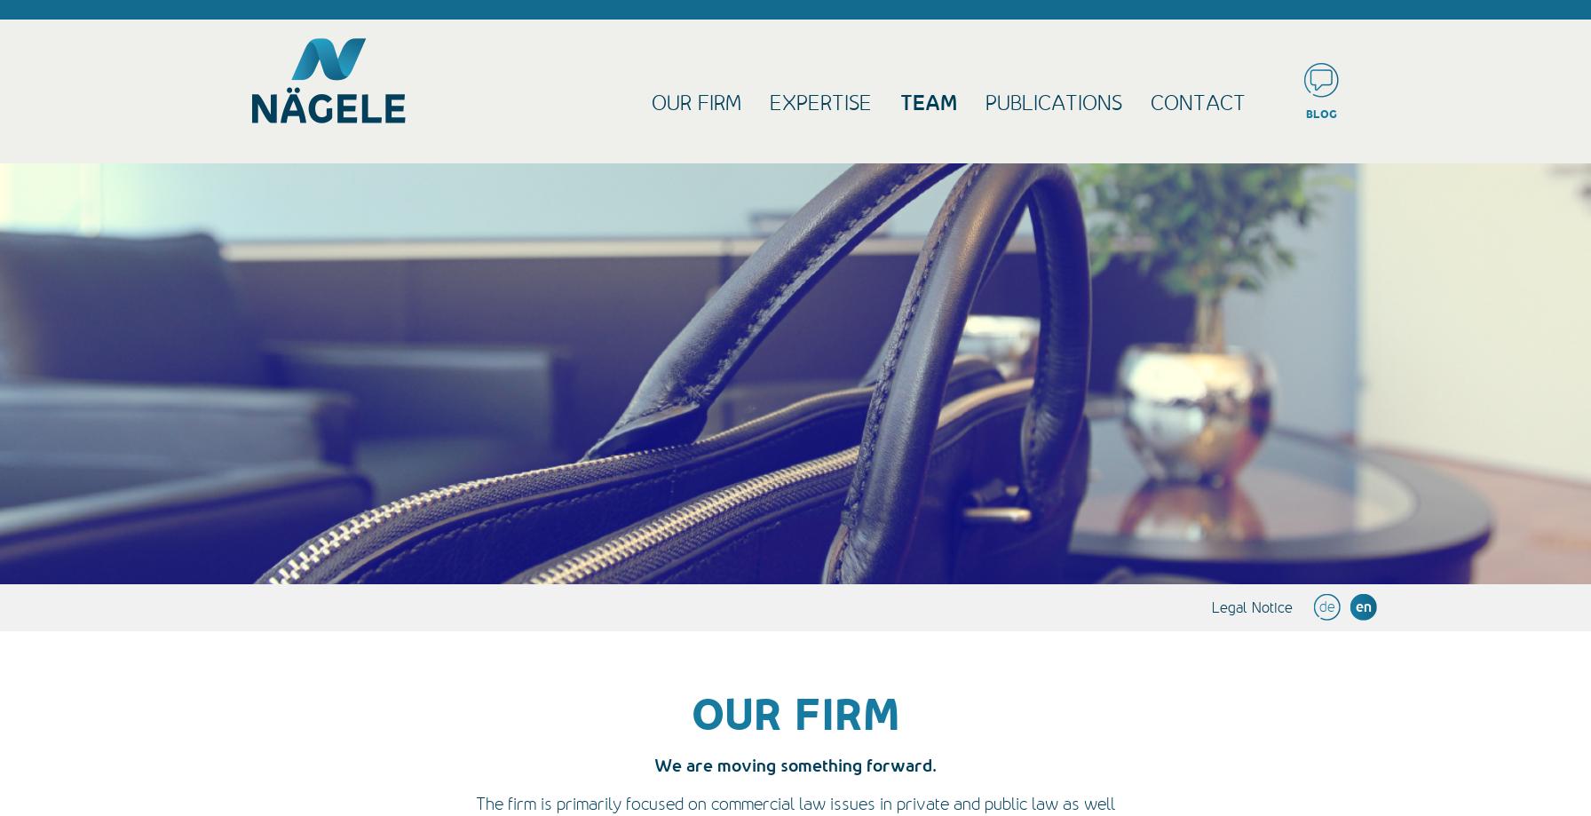 This screenshot has height=816, width=1591. What do you see at coordinates (1211, 606) in the screenshot?
I see `'Legal Notice'` at bounding box center [1211, 606].